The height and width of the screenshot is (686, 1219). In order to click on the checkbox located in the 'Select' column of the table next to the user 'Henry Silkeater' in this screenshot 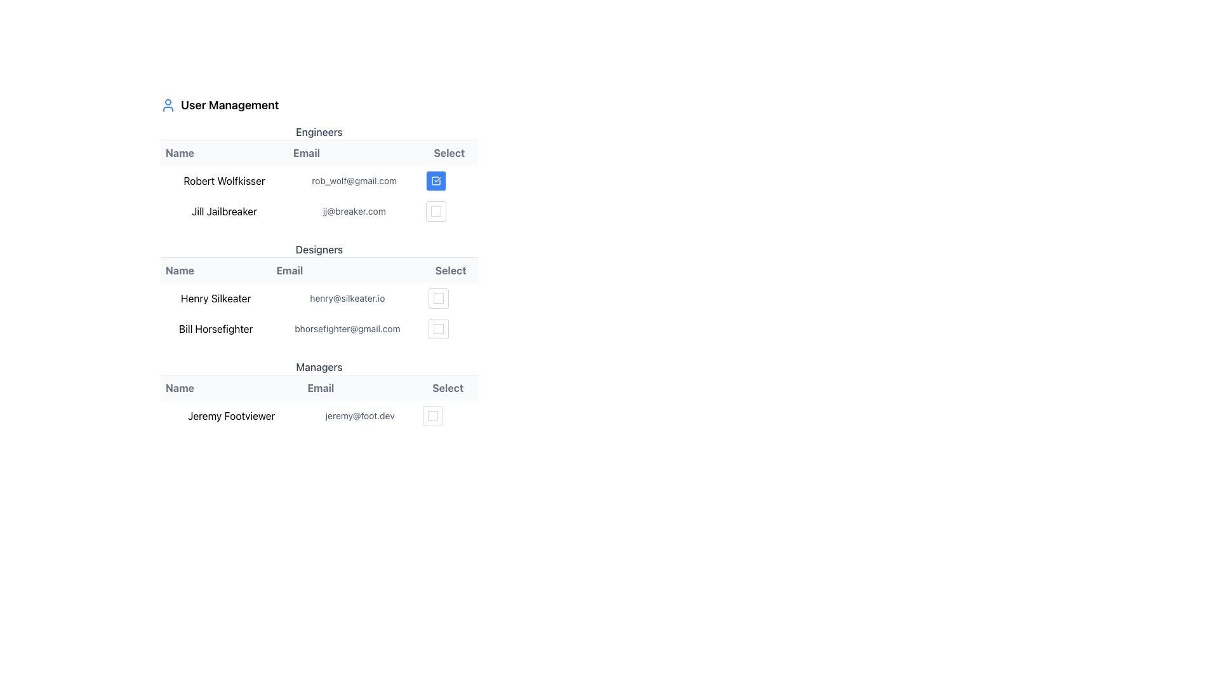, I will do `click(439, 299)`.